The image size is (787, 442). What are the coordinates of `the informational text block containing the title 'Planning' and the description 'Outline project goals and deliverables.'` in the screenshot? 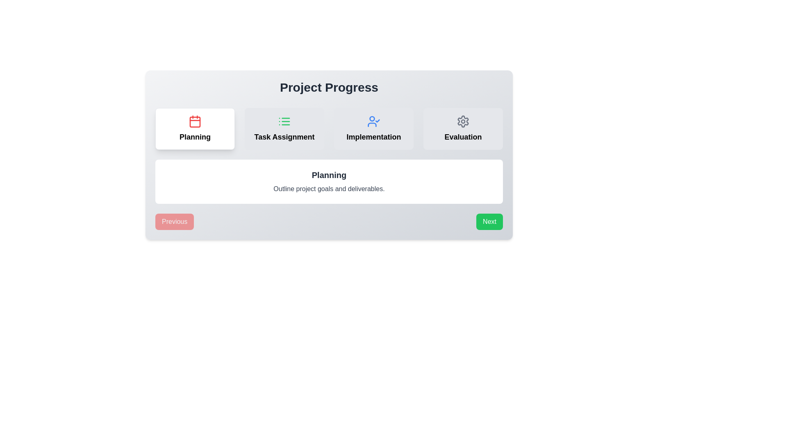 It's located at (329, 181).